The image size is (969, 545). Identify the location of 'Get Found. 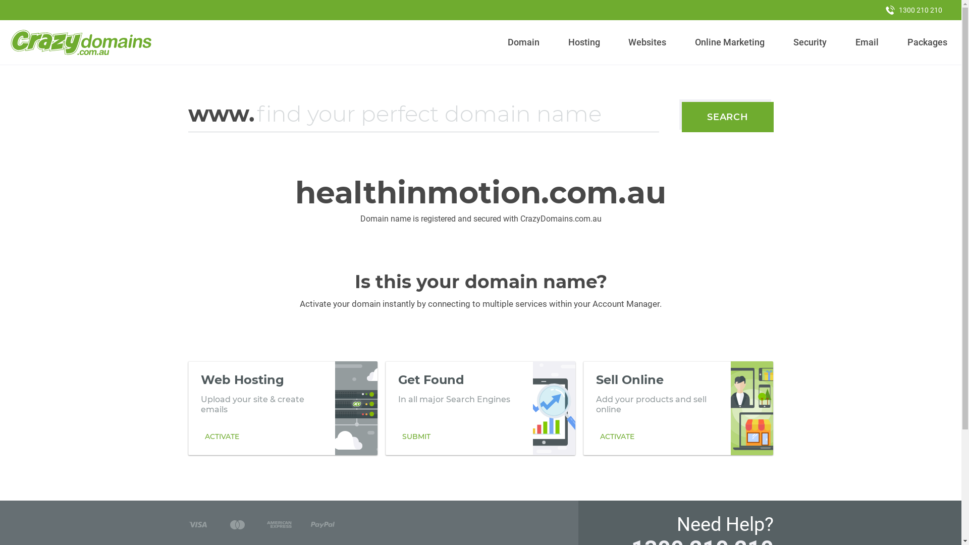
(479, 408).